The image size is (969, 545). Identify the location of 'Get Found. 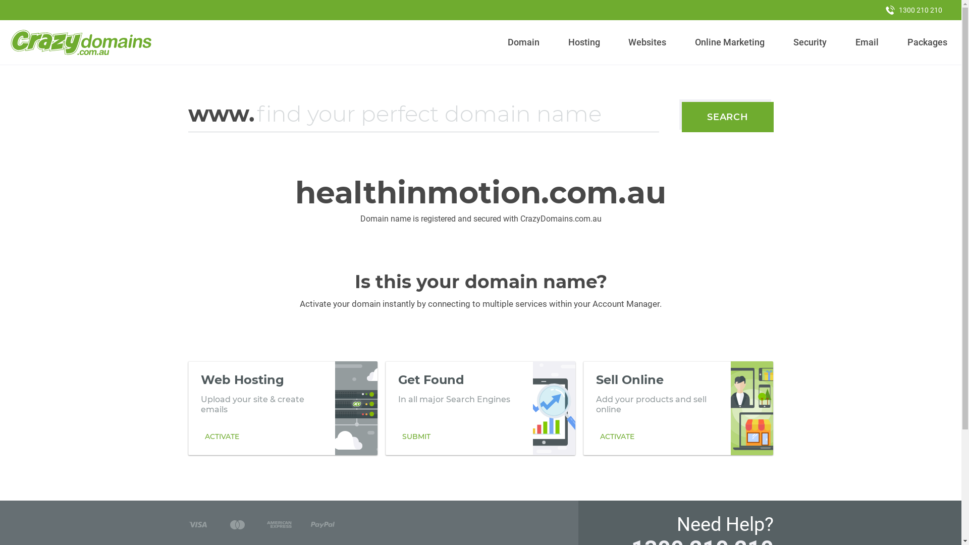
(479, 408).